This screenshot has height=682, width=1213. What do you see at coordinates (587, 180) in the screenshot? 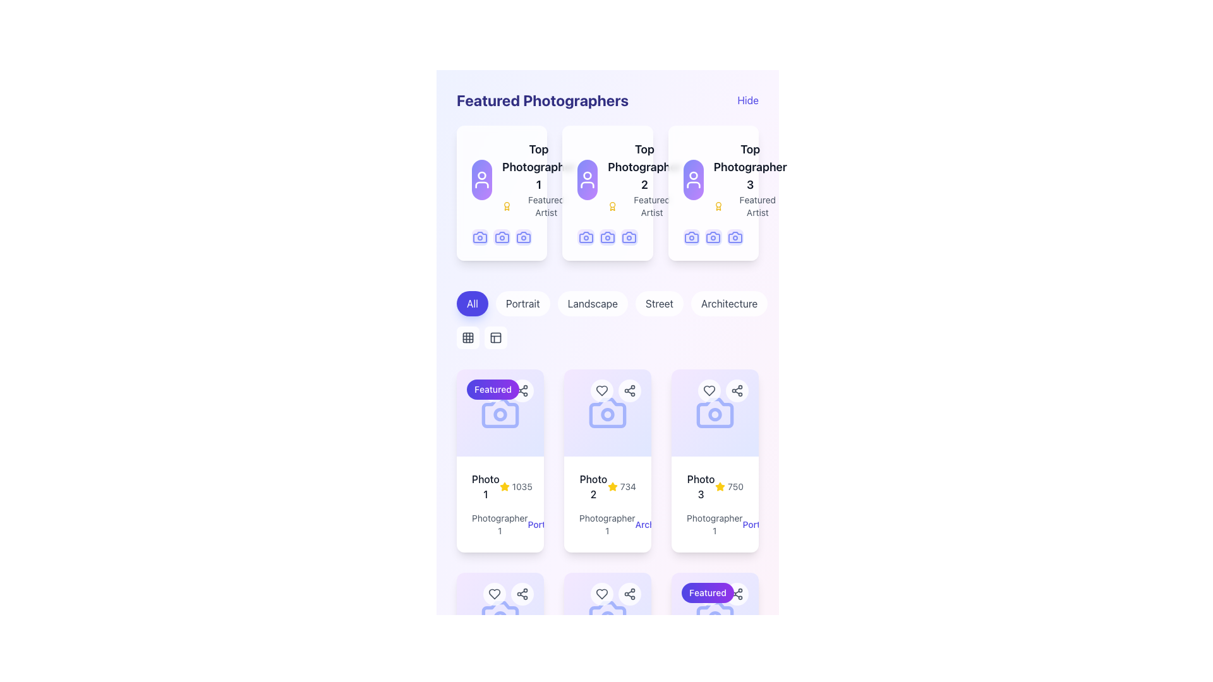
I see `the circular avatar placeholder with a gradient background and a white user icon, located at the center of the second card titled 'Top Photographer 2' under 'Featured Photographers'` at bounding box center [587, 180].